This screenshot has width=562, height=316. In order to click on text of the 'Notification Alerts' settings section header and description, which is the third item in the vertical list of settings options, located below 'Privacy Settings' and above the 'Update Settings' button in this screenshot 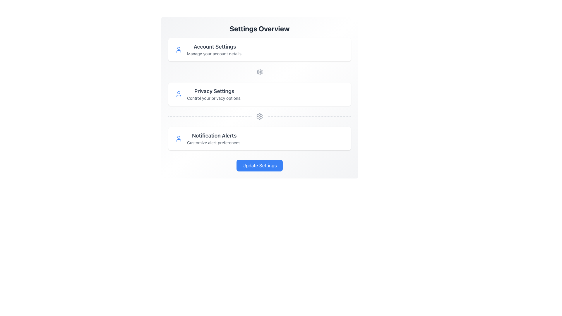, I will do `click(214, 139)`.